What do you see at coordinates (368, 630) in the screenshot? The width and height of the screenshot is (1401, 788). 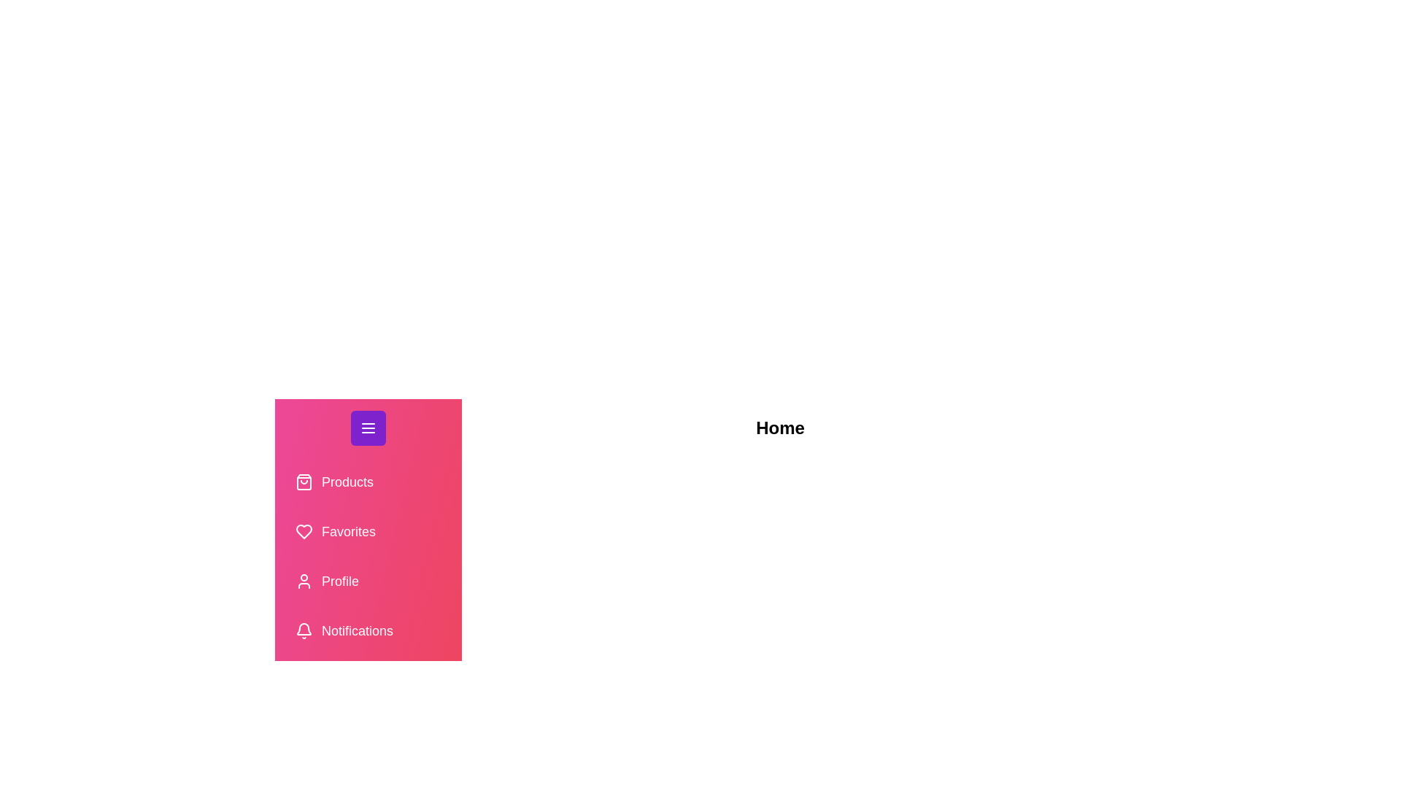 I see `the tab labeled 'Notifications' from the drawer` at bounding box center [368, 630].